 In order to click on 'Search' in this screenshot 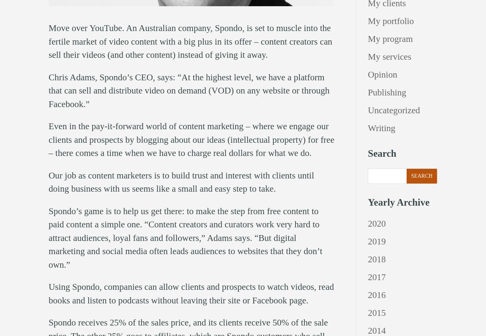, I will do `click(367, 153)`.